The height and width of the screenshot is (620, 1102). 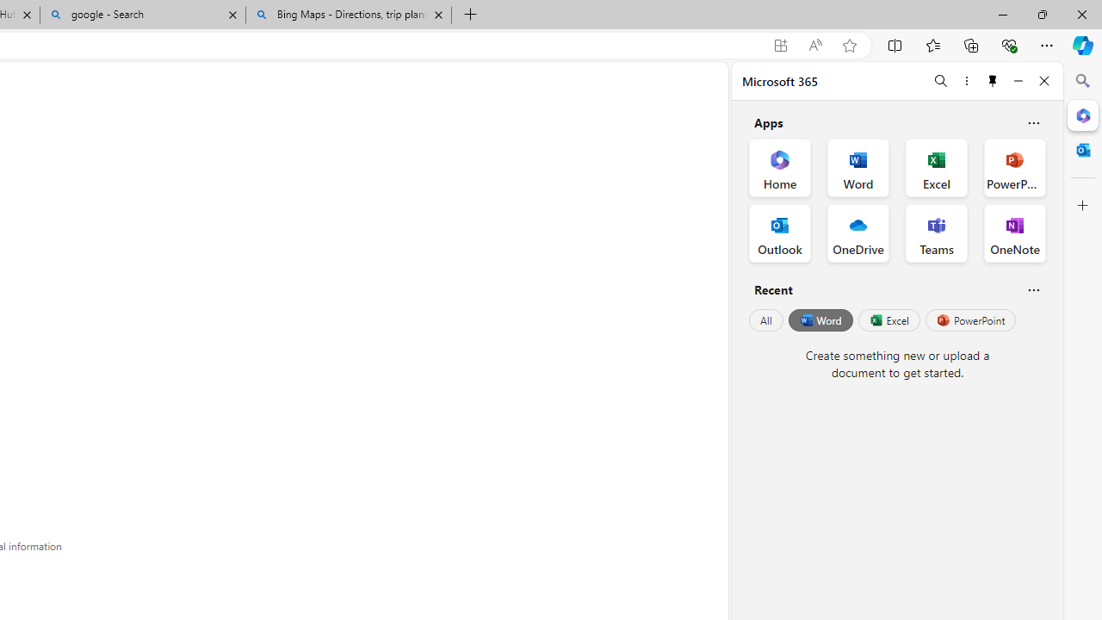 I want to click on 'App available. Install GitHub', so click(x=779, y=45).